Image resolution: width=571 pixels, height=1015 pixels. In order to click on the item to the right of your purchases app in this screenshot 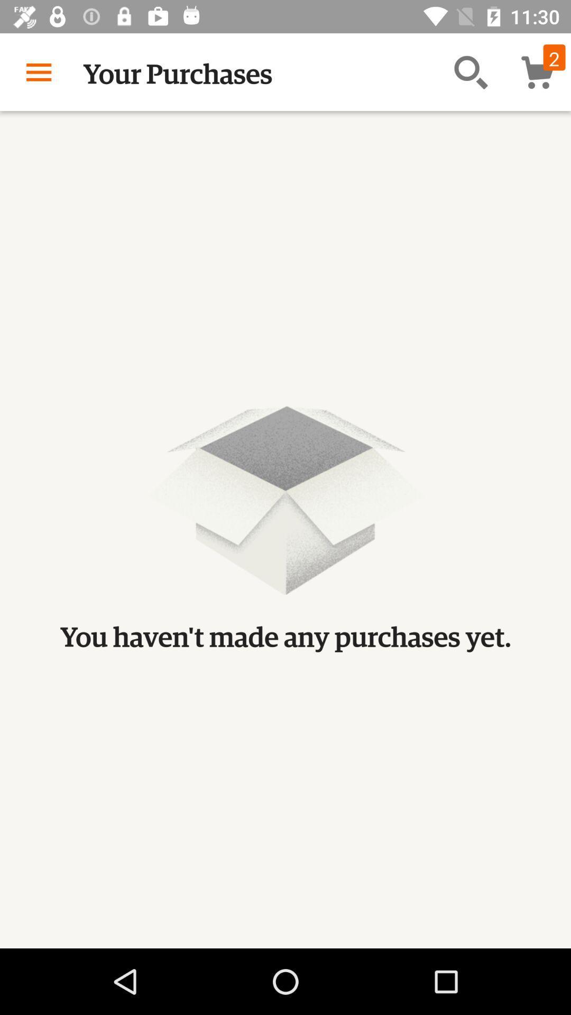, I will do `click(471, 71)`.